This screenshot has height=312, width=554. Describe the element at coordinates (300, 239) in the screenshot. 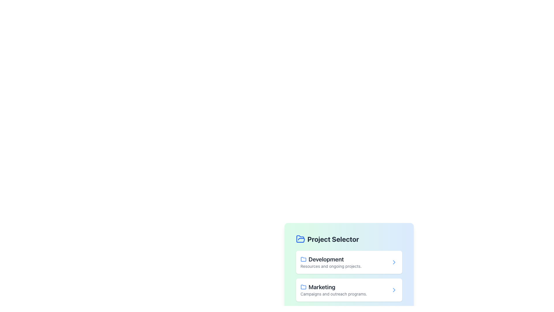

I see `the open folder icon, which is styled in bold blue color and located to the left of the 'Project Selector' text in the header panel` at that location.